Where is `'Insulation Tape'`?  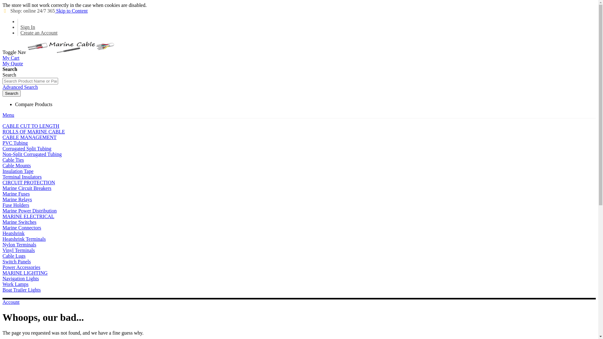
'Insulation Tape' is located at coordinates (18, 171).